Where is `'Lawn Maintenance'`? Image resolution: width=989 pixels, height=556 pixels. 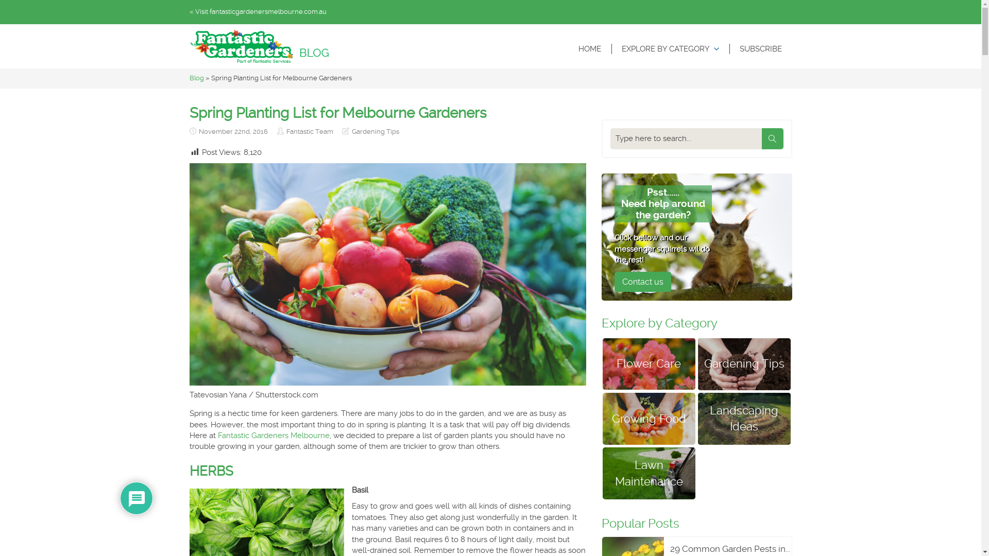
'Lawn Maintenance' is located at coordinates (648, 473).